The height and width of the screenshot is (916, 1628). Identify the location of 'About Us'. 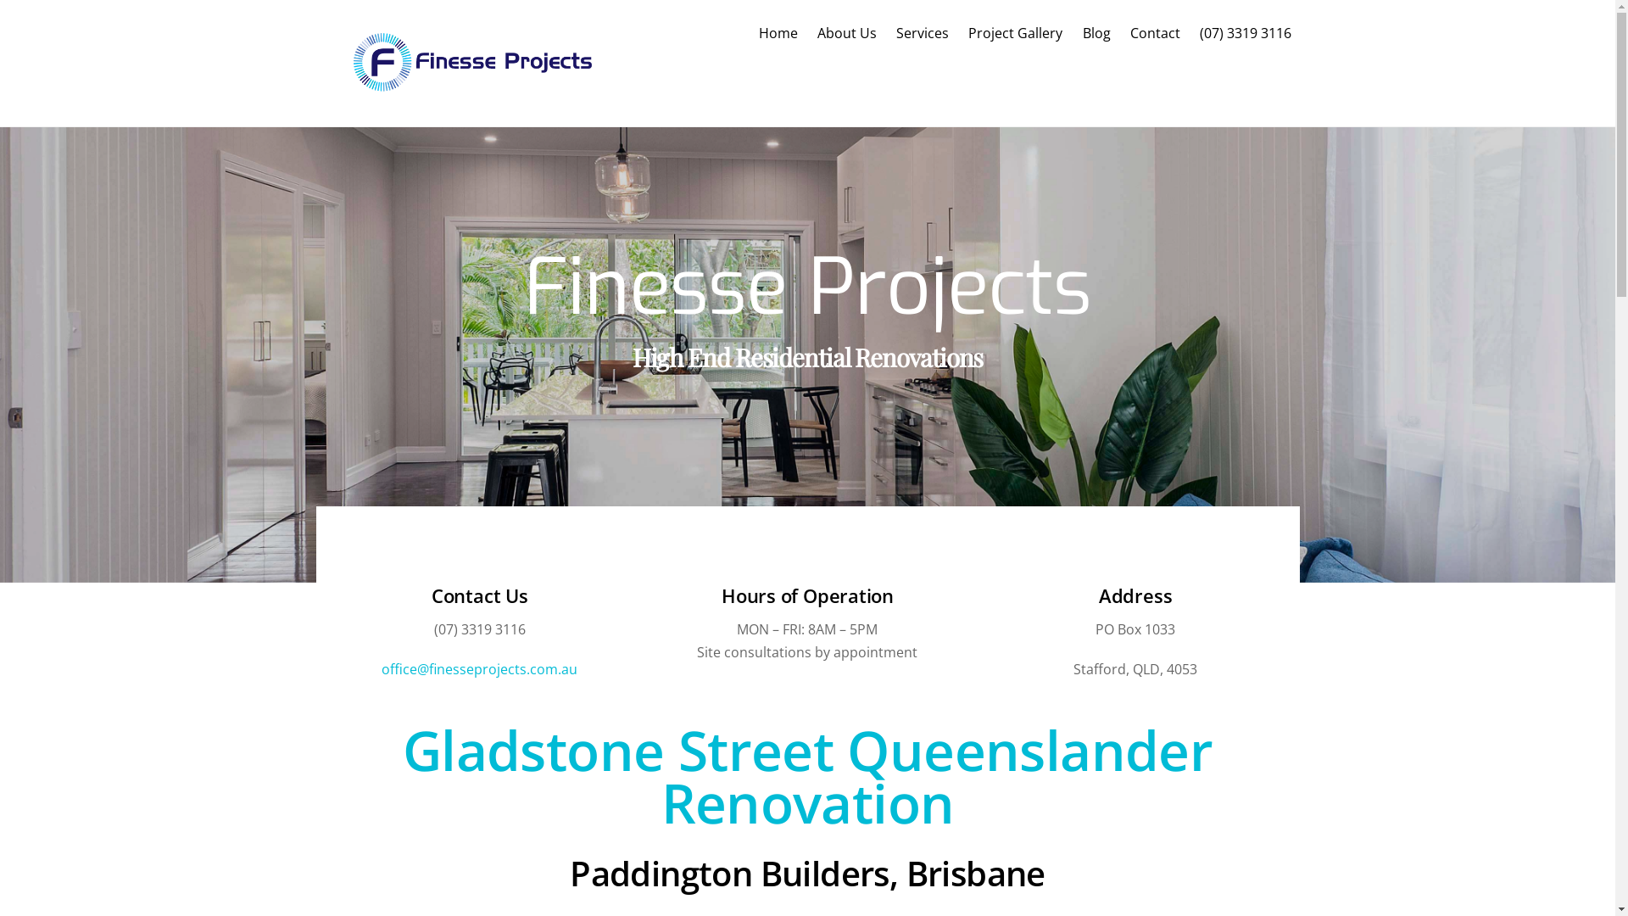
(846, 32).